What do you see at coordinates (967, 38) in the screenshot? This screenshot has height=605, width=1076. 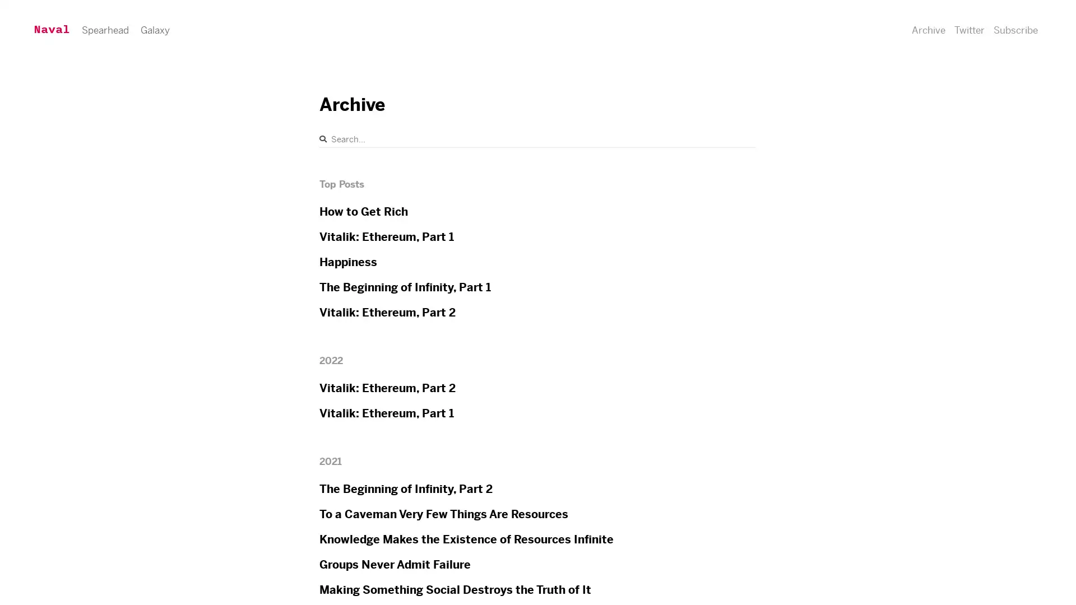 I see `Subscribe` at bounding box center [967, 38].